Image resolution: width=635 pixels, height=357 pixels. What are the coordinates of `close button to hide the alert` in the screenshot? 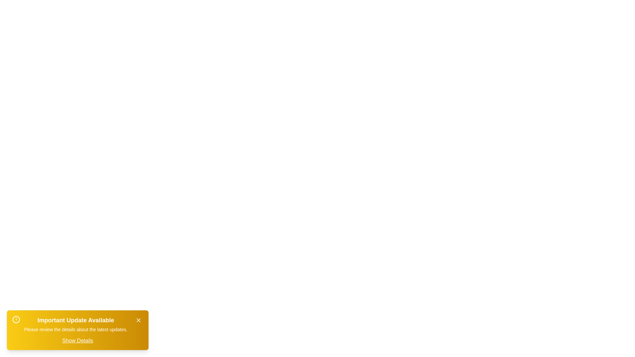 It's located at (138, 320).